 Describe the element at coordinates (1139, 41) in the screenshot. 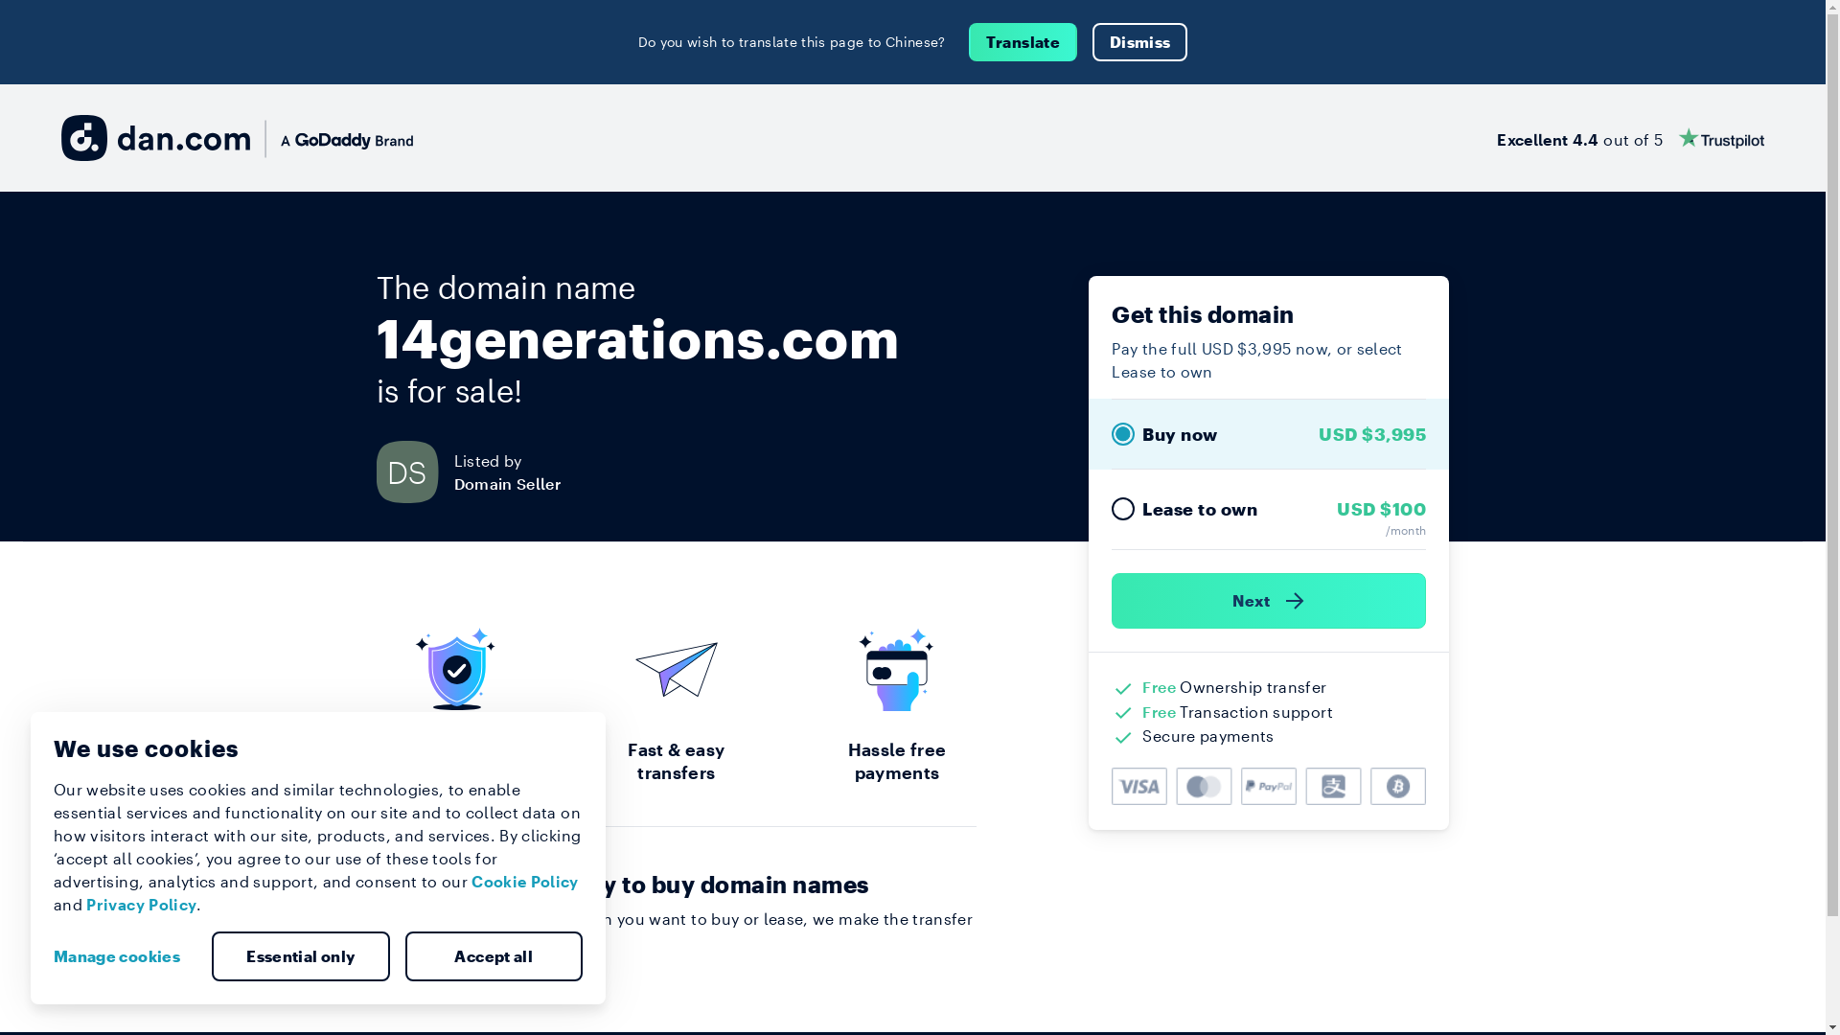

I see `'Dismiss'` at that location.